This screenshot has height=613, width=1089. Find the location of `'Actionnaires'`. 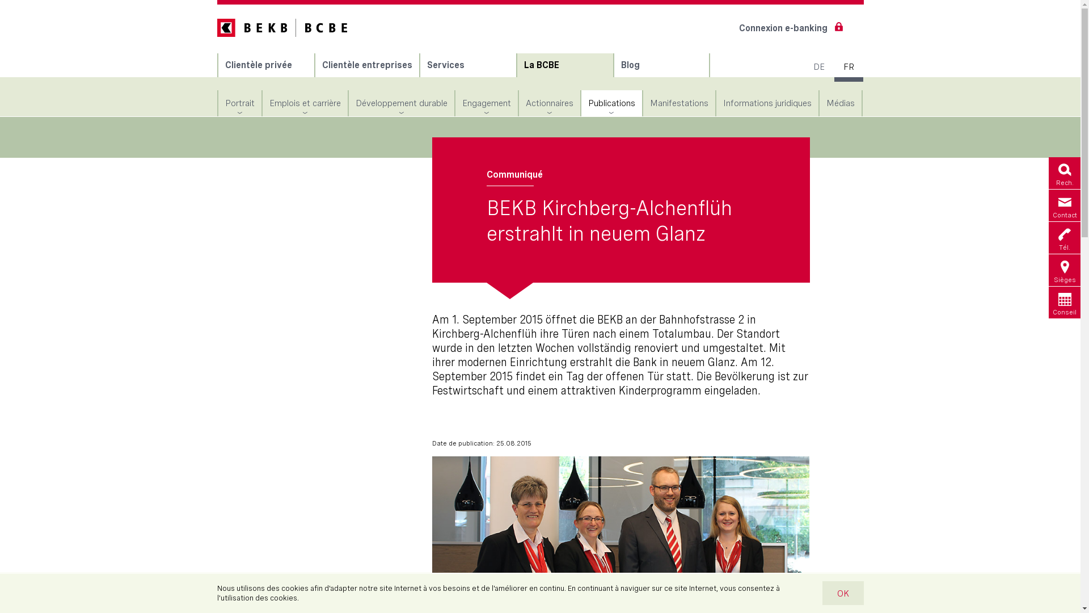

'Actionnaires' is located at coordinates (549, 103).